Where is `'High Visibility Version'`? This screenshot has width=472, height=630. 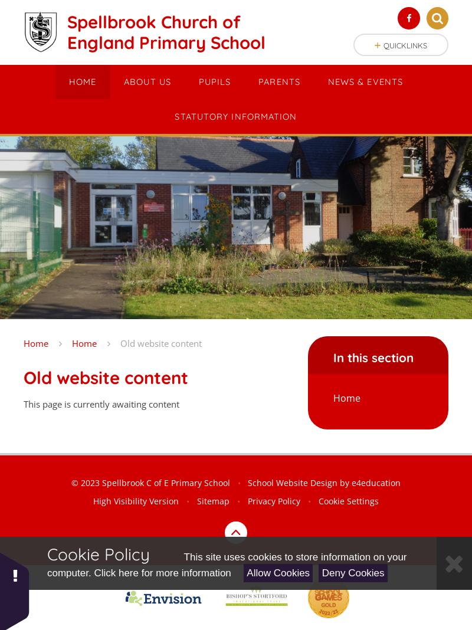 'High Visibility Version' is located at coordinates (136, 500).